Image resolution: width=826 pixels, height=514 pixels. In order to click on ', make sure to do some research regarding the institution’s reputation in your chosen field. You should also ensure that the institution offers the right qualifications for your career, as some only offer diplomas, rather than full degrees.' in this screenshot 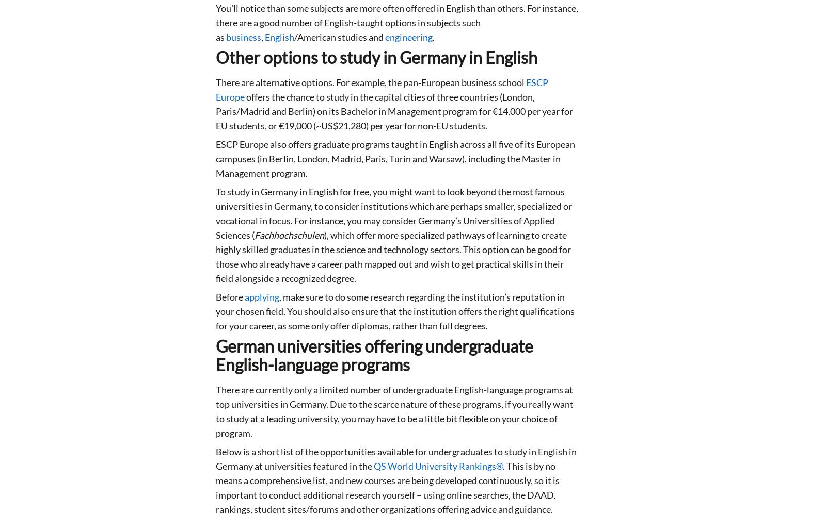, I will do `click(395, 310)`.